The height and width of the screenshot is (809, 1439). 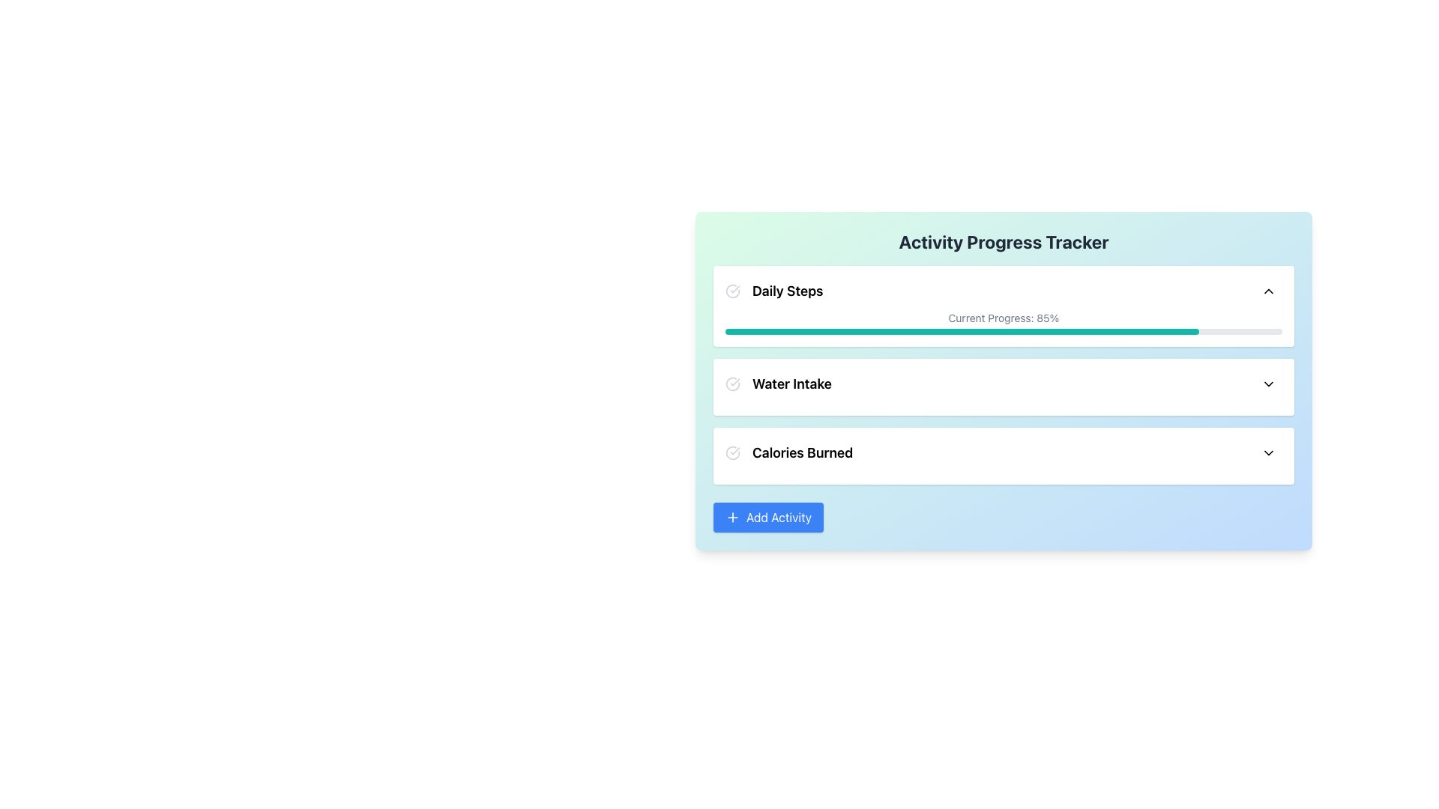 I want to click on the dropdown toggle button located at the far right side of the 'Water Intake' section, so click(x=1268, y=384).